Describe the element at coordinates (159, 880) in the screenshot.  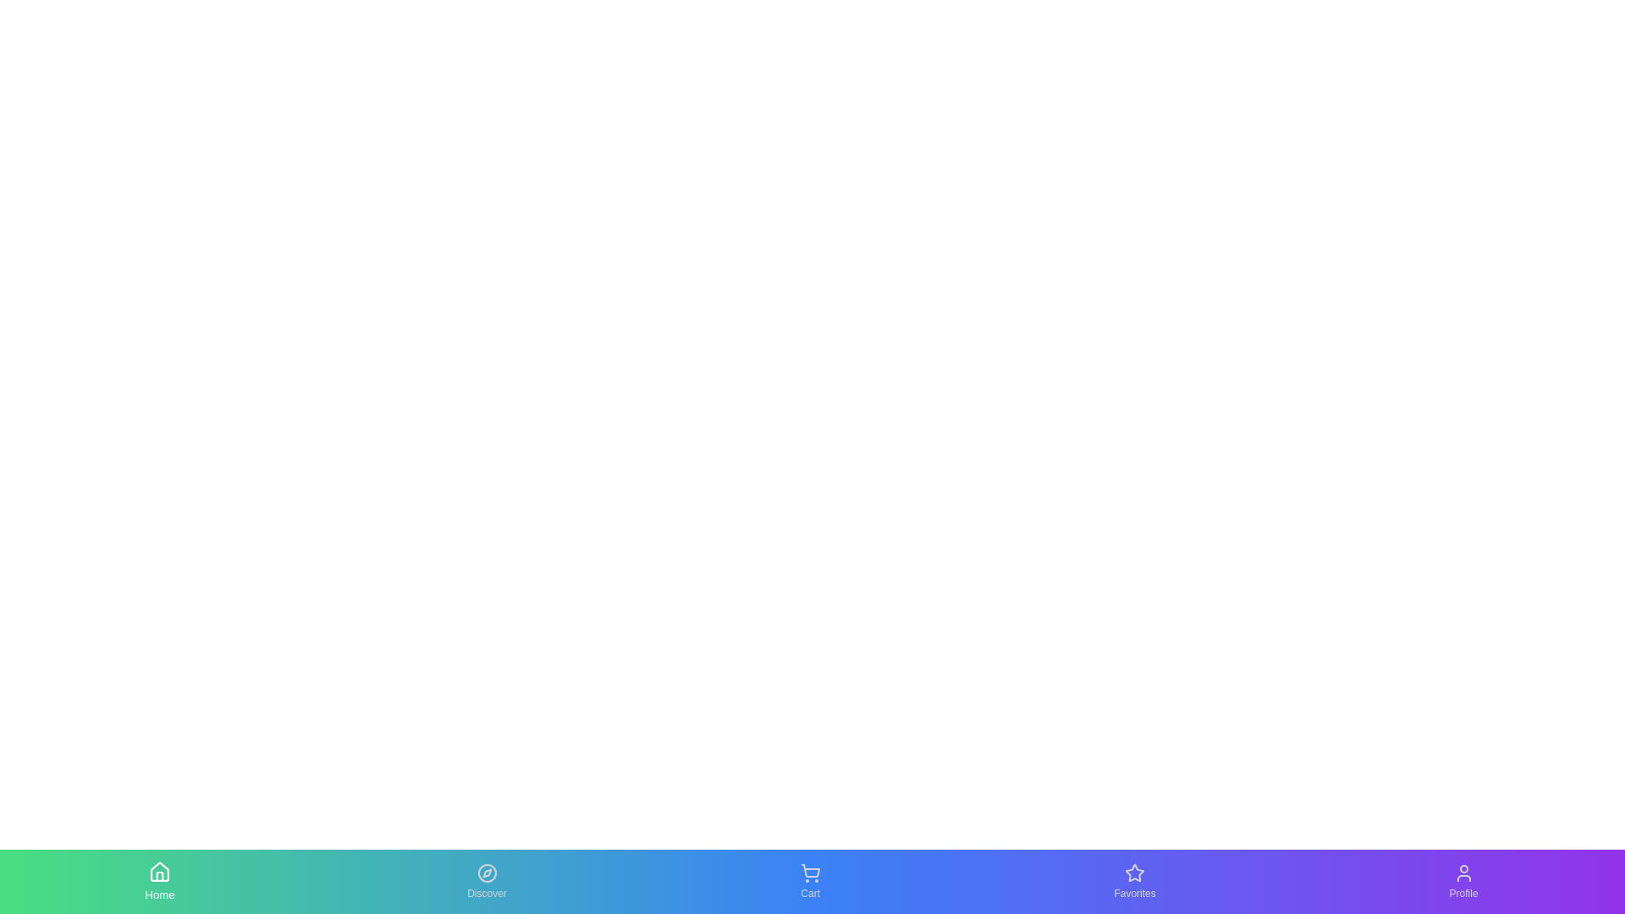
I see `the Home tab by clicking on its icon or label` at that location.